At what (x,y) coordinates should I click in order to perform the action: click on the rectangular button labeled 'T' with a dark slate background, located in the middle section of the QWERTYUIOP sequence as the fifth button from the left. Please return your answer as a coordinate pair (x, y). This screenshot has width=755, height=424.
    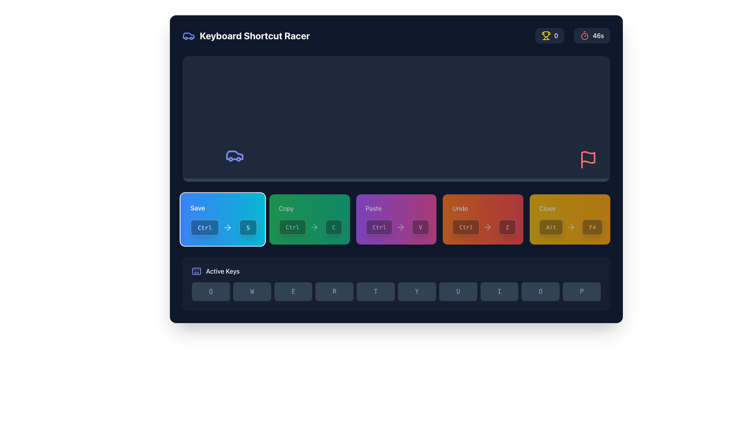
    Looking at the image, I should click on (375, 292).